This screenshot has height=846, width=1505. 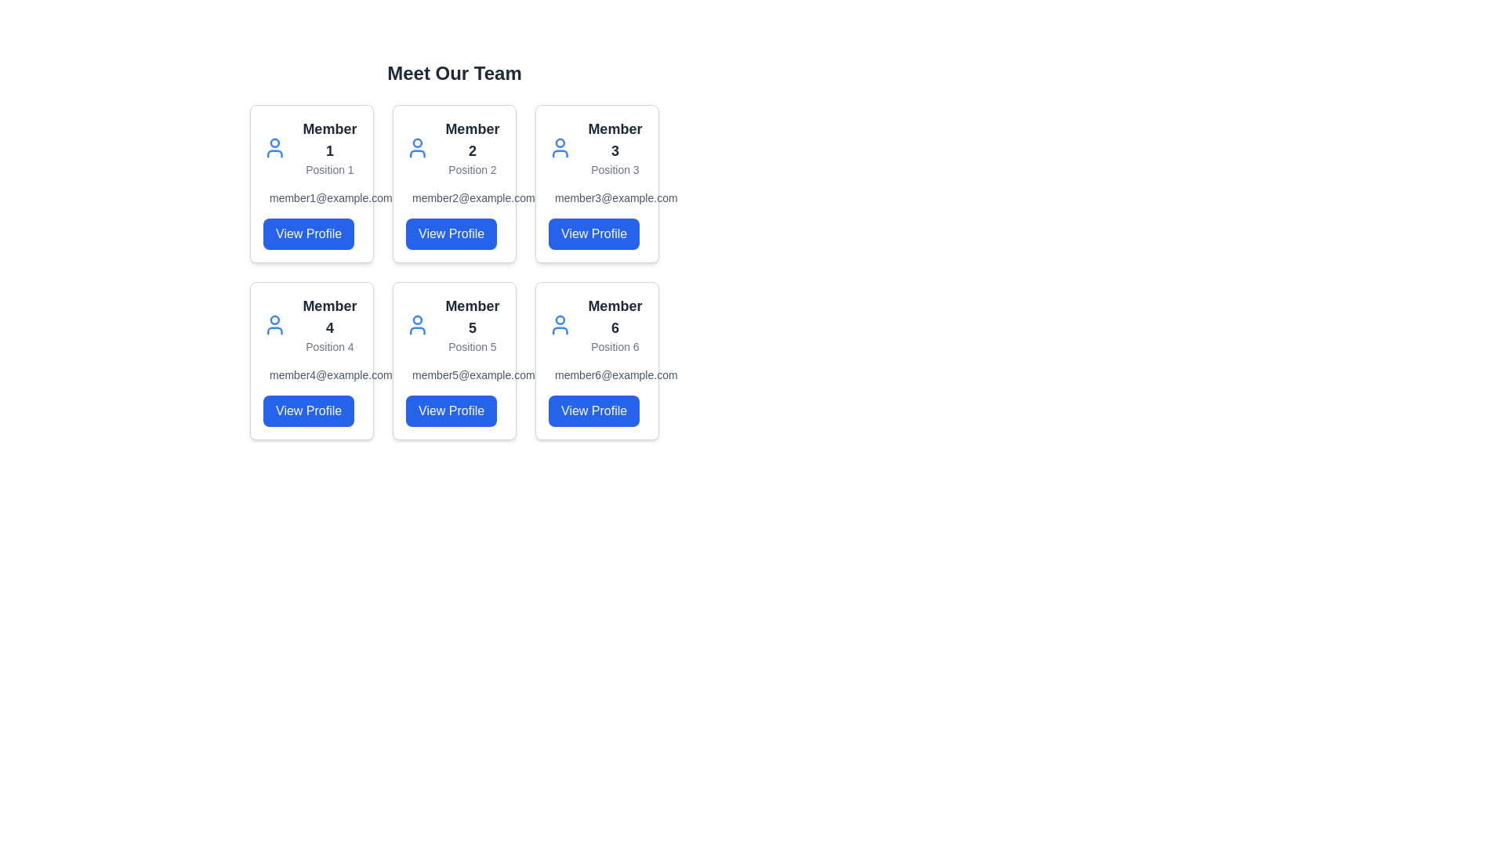 I want to click on the text label displaying the email address 'member6@example.com', which is located above the 'View Profile' button in the card labeled 'Member 6 - Position 6', so click(x=597, y=374).